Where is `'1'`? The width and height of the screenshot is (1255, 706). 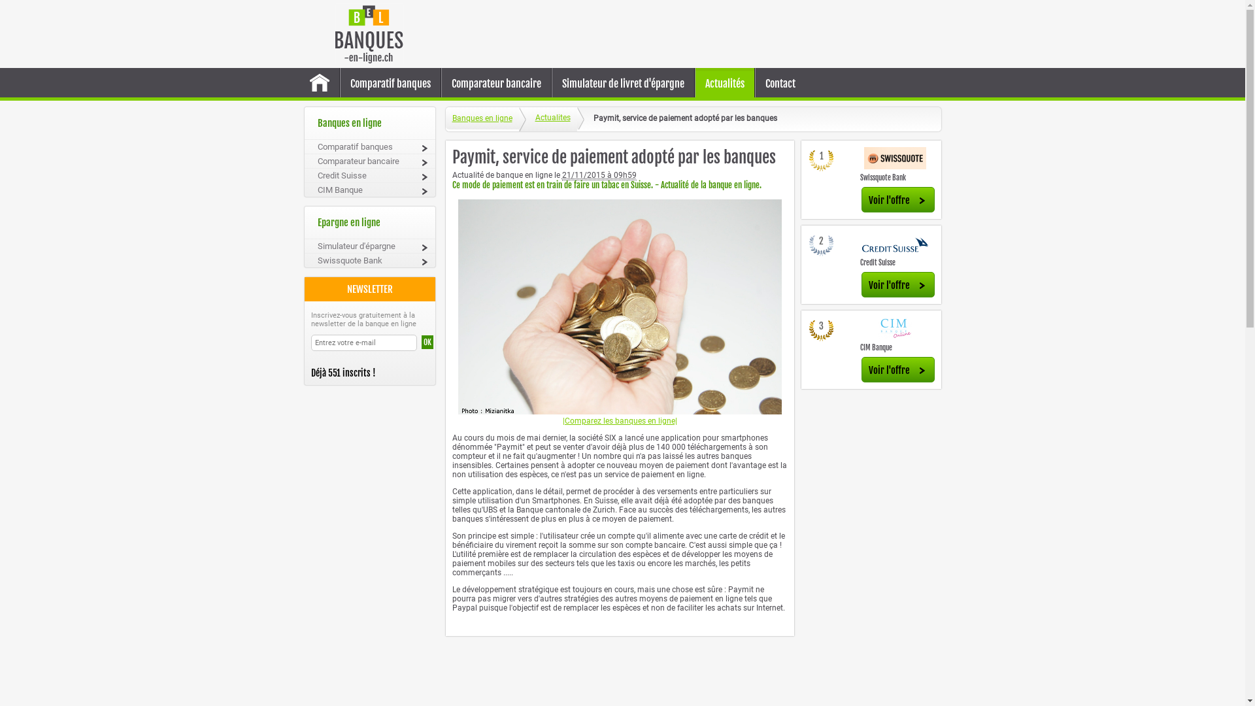 '1' is located at coordinates (821, 161).